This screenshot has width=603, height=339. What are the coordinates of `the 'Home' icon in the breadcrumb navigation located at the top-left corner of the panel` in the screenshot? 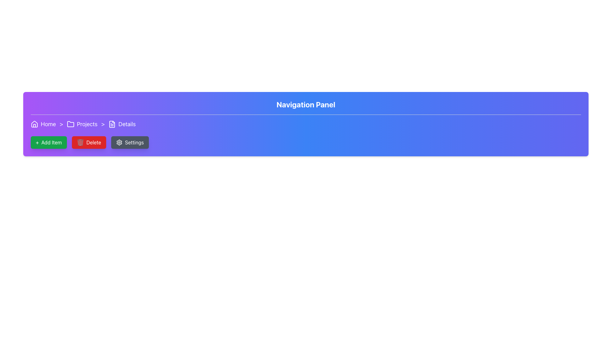 It's located at (34, 124).